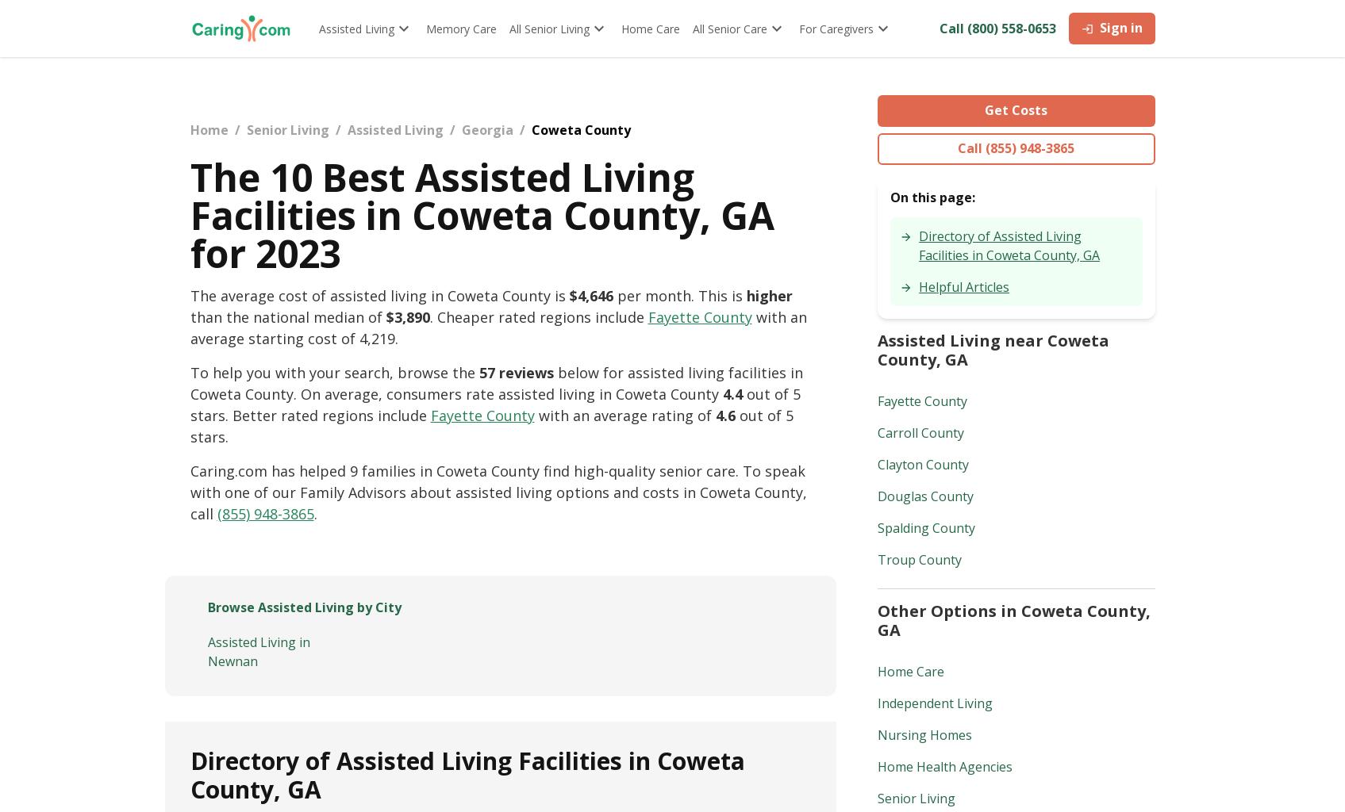 The height and width of the screenshot is (812, 1345). What do you see at coordinates (258, 650) in the screenshot?
I see `'Assisted Living in Newnan'` at bounding box center [258, 650].